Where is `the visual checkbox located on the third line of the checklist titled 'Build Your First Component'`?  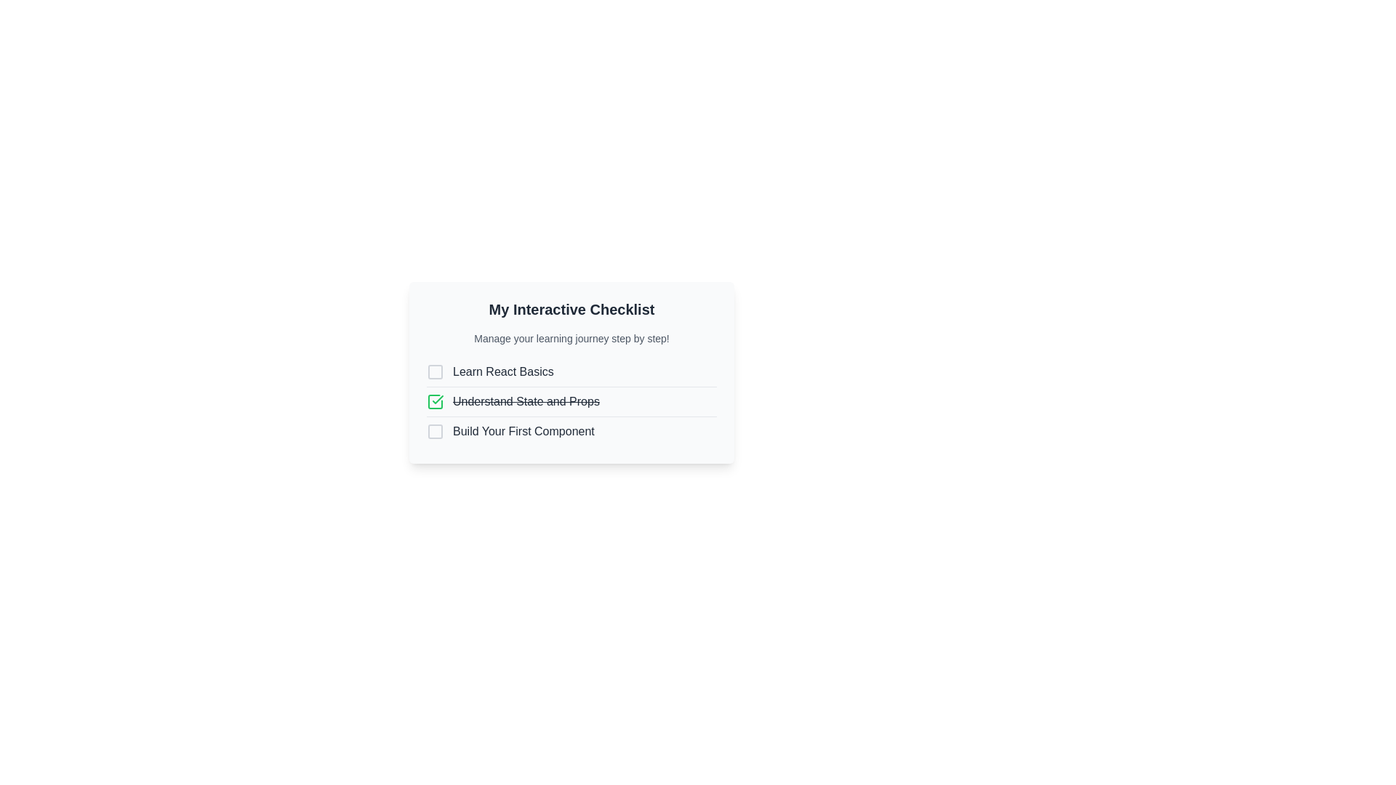 the visual checkbox located on the third line of the checklist titled 'Build Your First Component' is located at coordinates (435, 431).